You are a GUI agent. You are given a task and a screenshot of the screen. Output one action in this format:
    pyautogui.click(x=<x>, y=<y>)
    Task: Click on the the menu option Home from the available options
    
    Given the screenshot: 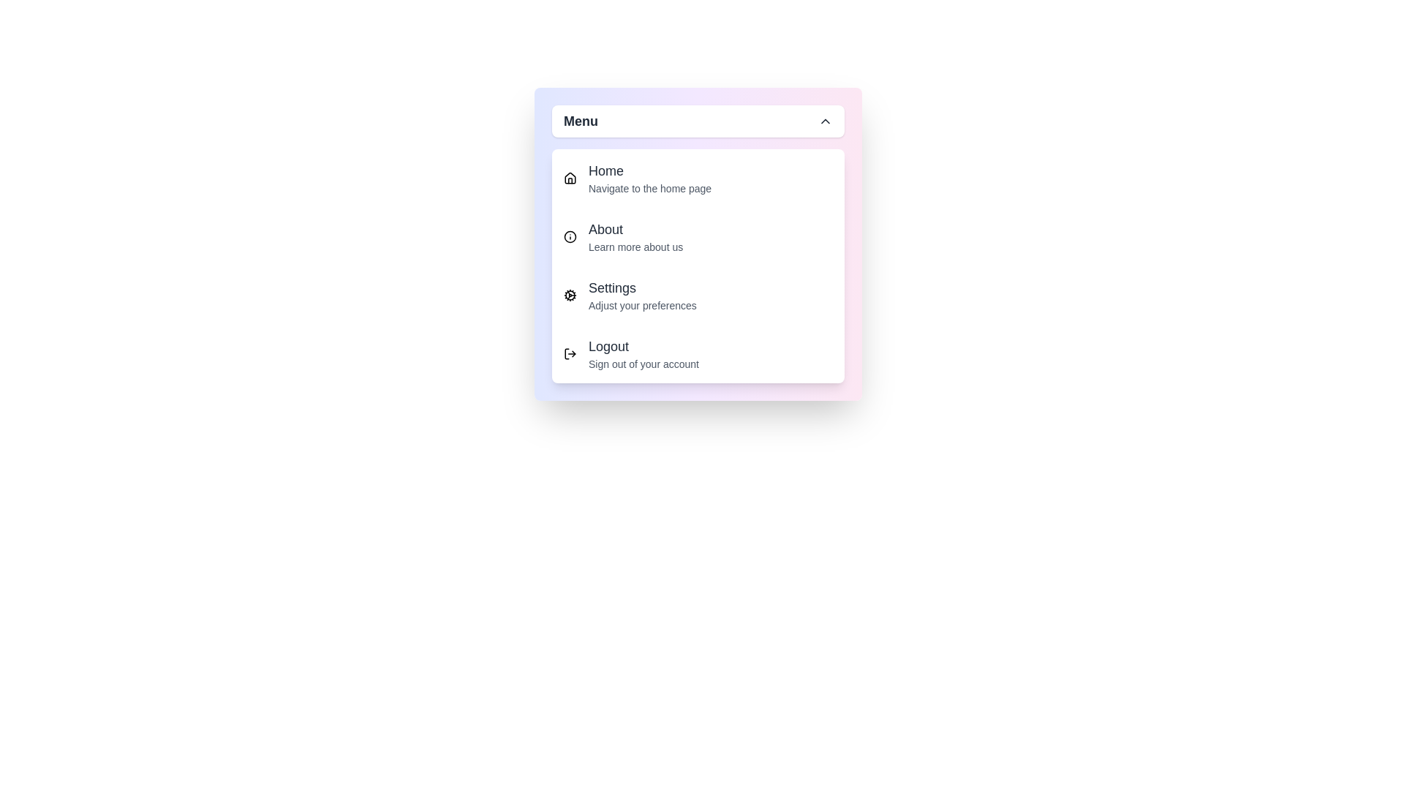 What is the action you would take?
    pyautogui.click(x=698, y=177)
    